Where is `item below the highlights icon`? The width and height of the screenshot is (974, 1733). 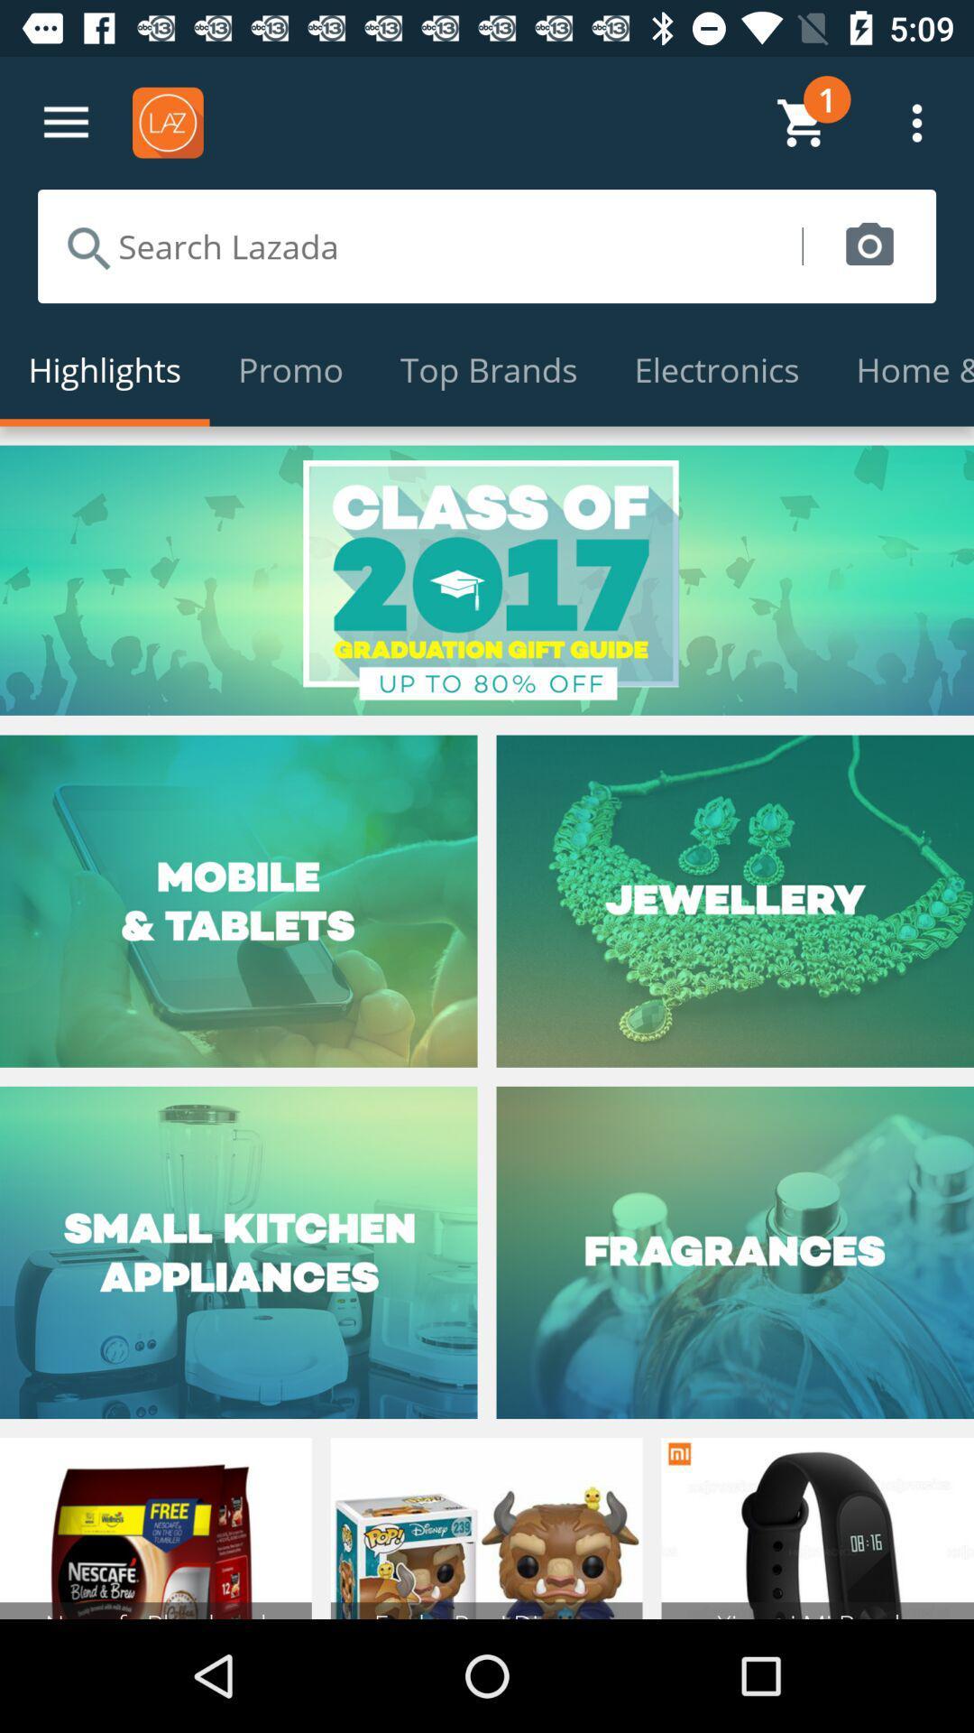 item below the highlights icon is located at coordinates (487, 580).